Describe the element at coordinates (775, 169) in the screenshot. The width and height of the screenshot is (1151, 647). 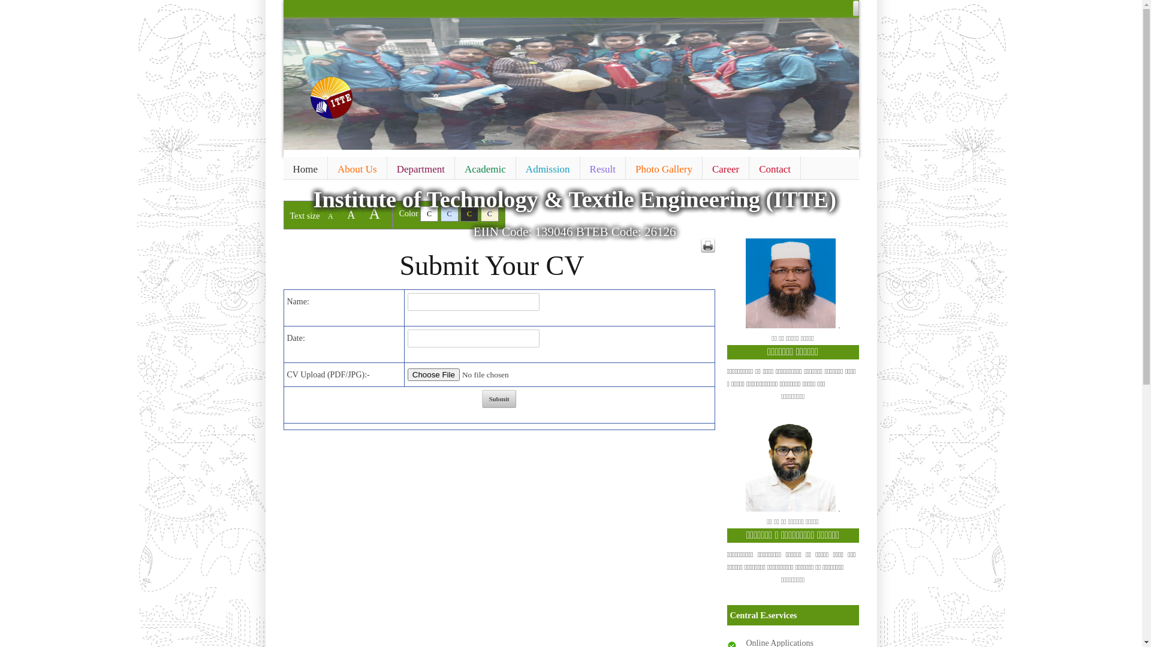
I see `'Contact'` at that location.